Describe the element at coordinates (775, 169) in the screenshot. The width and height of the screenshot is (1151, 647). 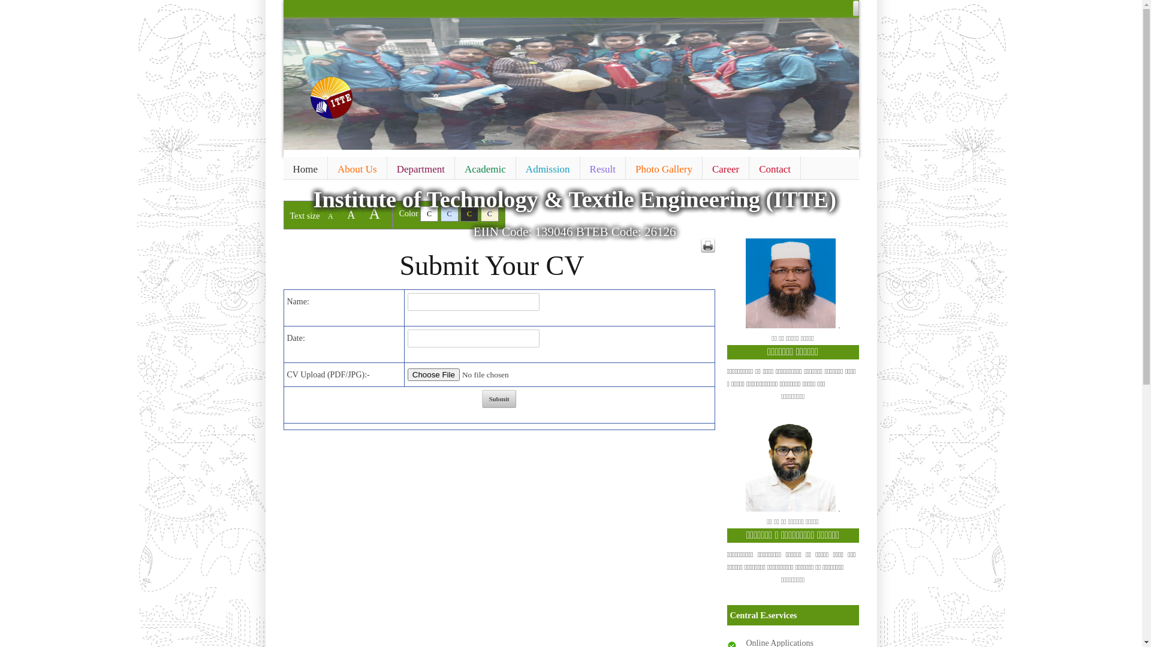
I see `'Contact'` at that location.